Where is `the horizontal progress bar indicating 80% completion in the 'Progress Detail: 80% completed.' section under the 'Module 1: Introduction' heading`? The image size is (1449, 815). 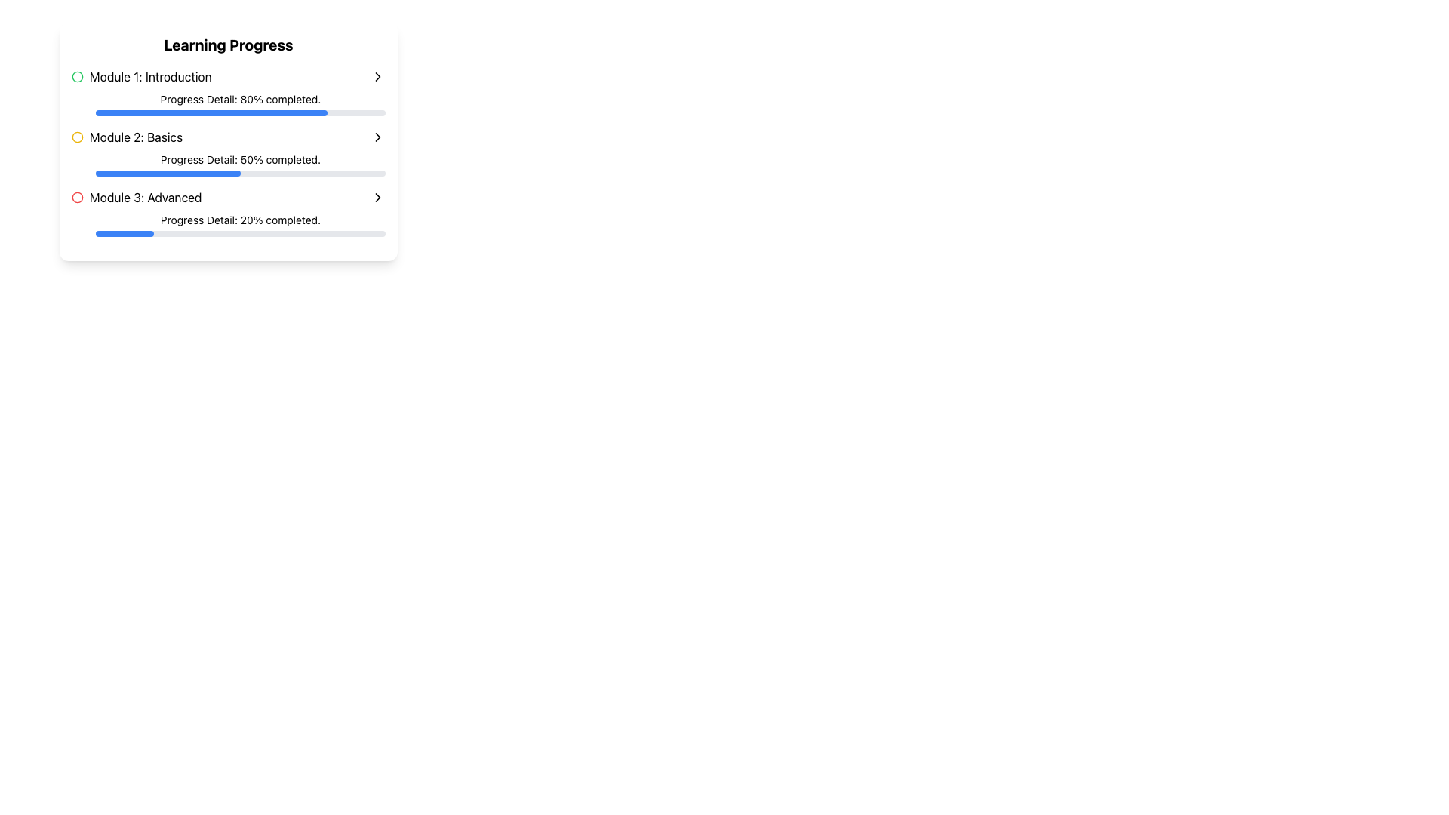 the horizontal progress bar indicating 80% completion in the 'Progress Detail: 80% completed.' section under the 'Module 1: Introduction' heading is located at coordinates (239, 112).